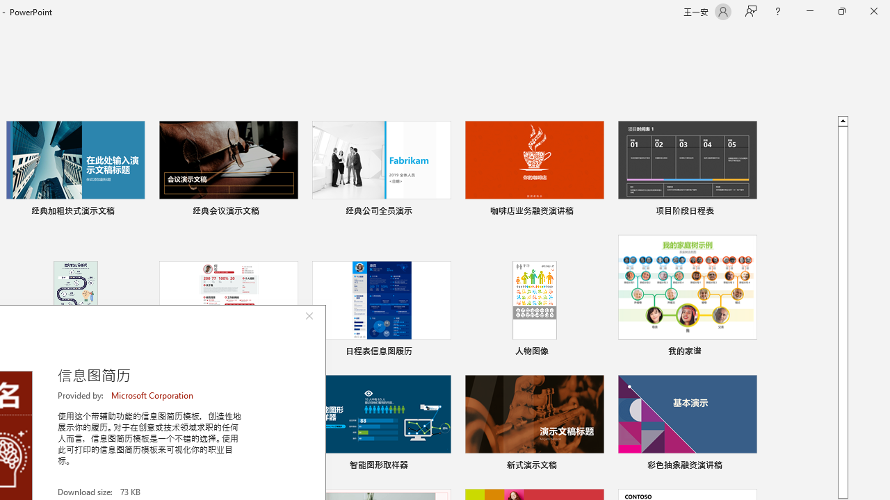 This screenshot has height=500, width=890. I want to click on 'Microsoft Corporation', so click(153, 395).